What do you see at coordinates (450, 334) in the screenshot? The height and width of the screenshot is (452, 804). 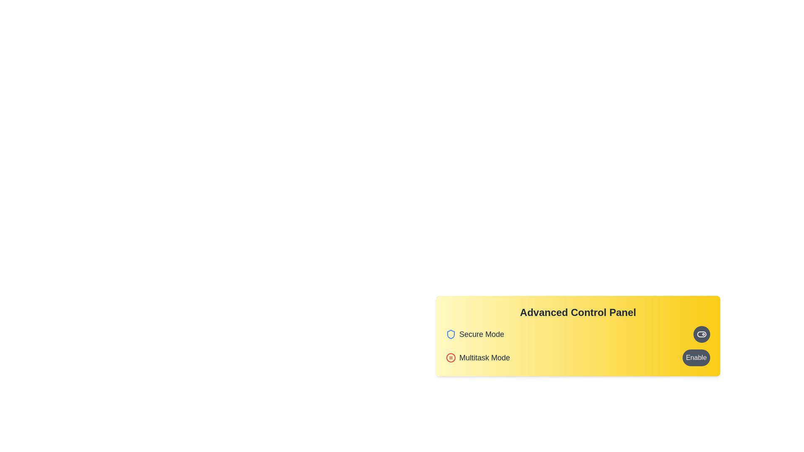 I see `the 'Secure Mode' icon located to the left of the 'Secure Mode' text label` at bounding box center [450, 334].